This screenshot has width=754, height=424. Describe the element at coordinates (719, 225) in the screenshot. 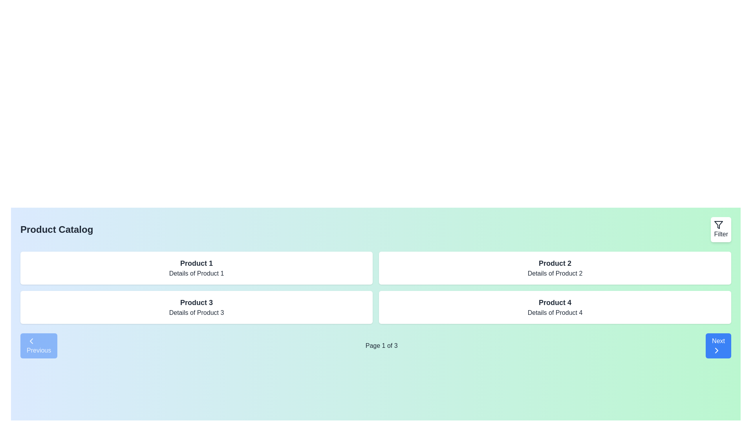

I see `the filter icon located in the top-right corner of the 'Filter' button, which has a minimalistic funnel design and is set against a green backdrop` at that location.